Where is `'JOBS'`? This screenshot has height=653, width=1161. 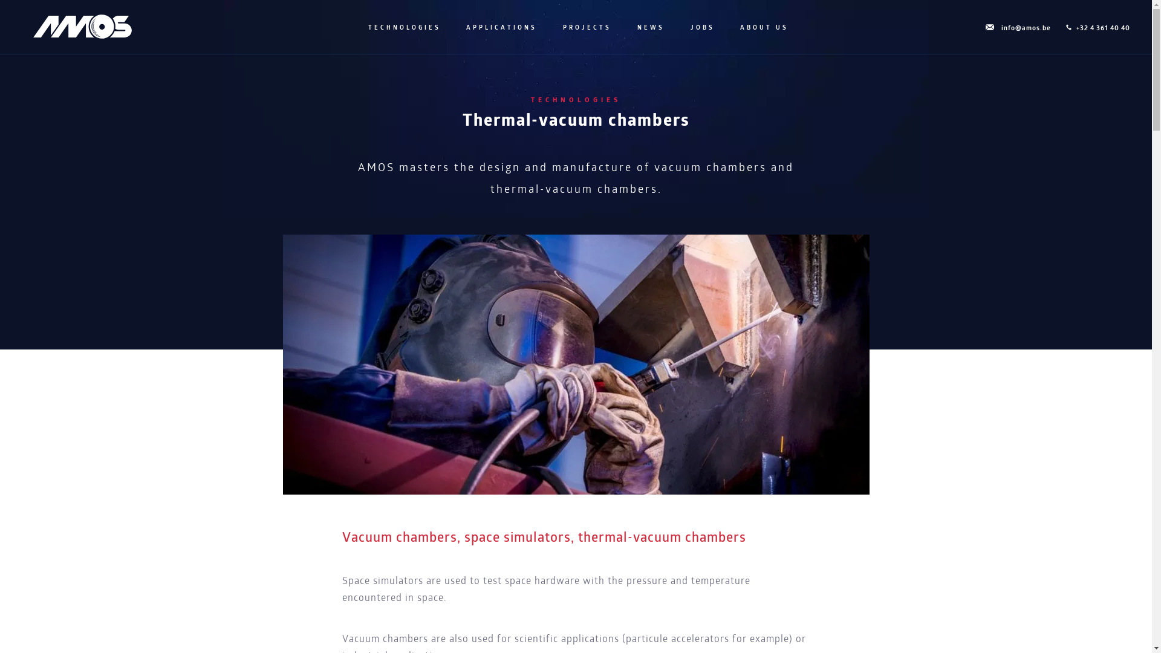
'JOBS' is located at coordinates (701, 27).